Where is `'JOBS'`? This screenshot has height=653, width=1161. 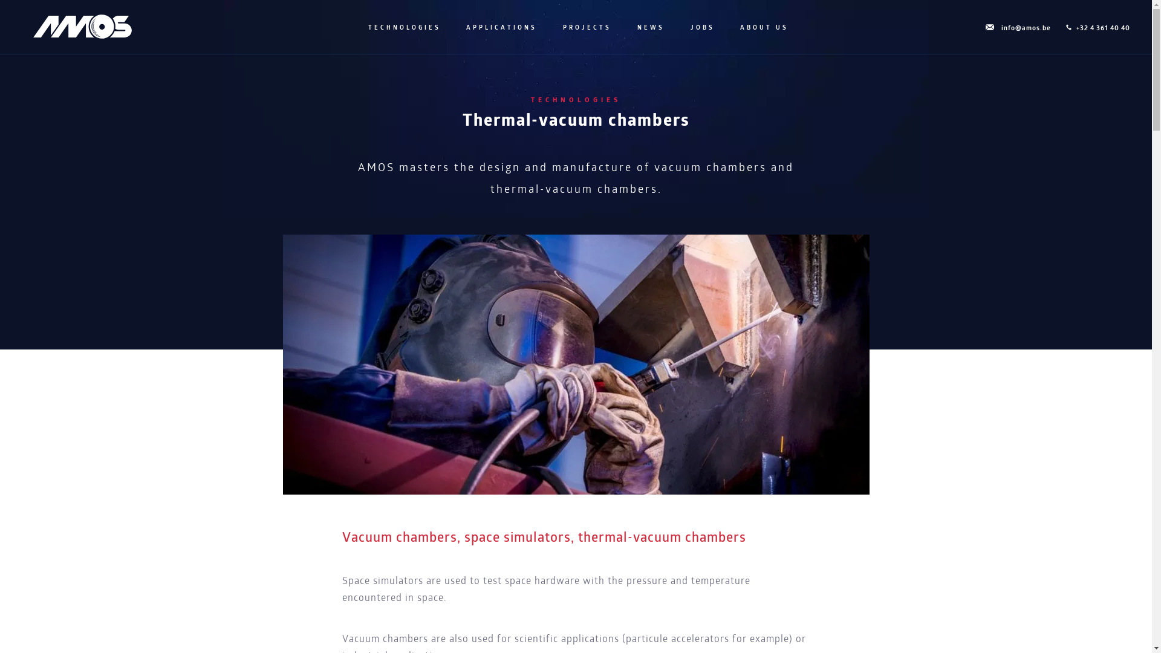
'JOBS' is located at coordinates (701, 27).